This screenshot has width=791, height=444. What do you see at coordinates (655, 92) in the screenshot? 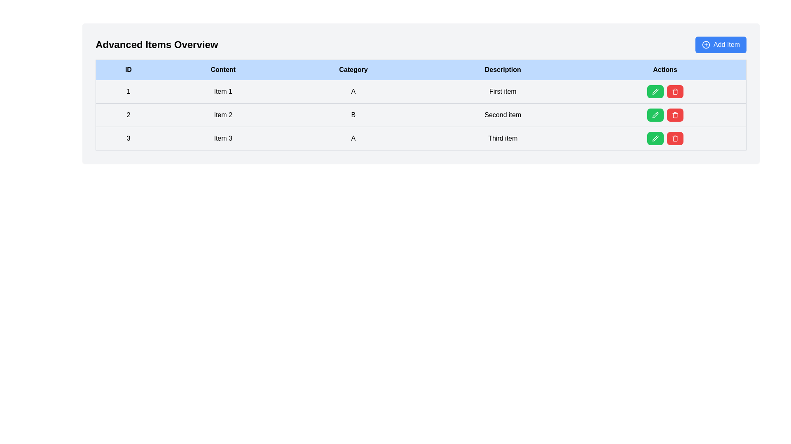
I see `the pencil-shaped icon within the green 'Edit' button in the 'Actions' column` at bounding box center [655, 92].